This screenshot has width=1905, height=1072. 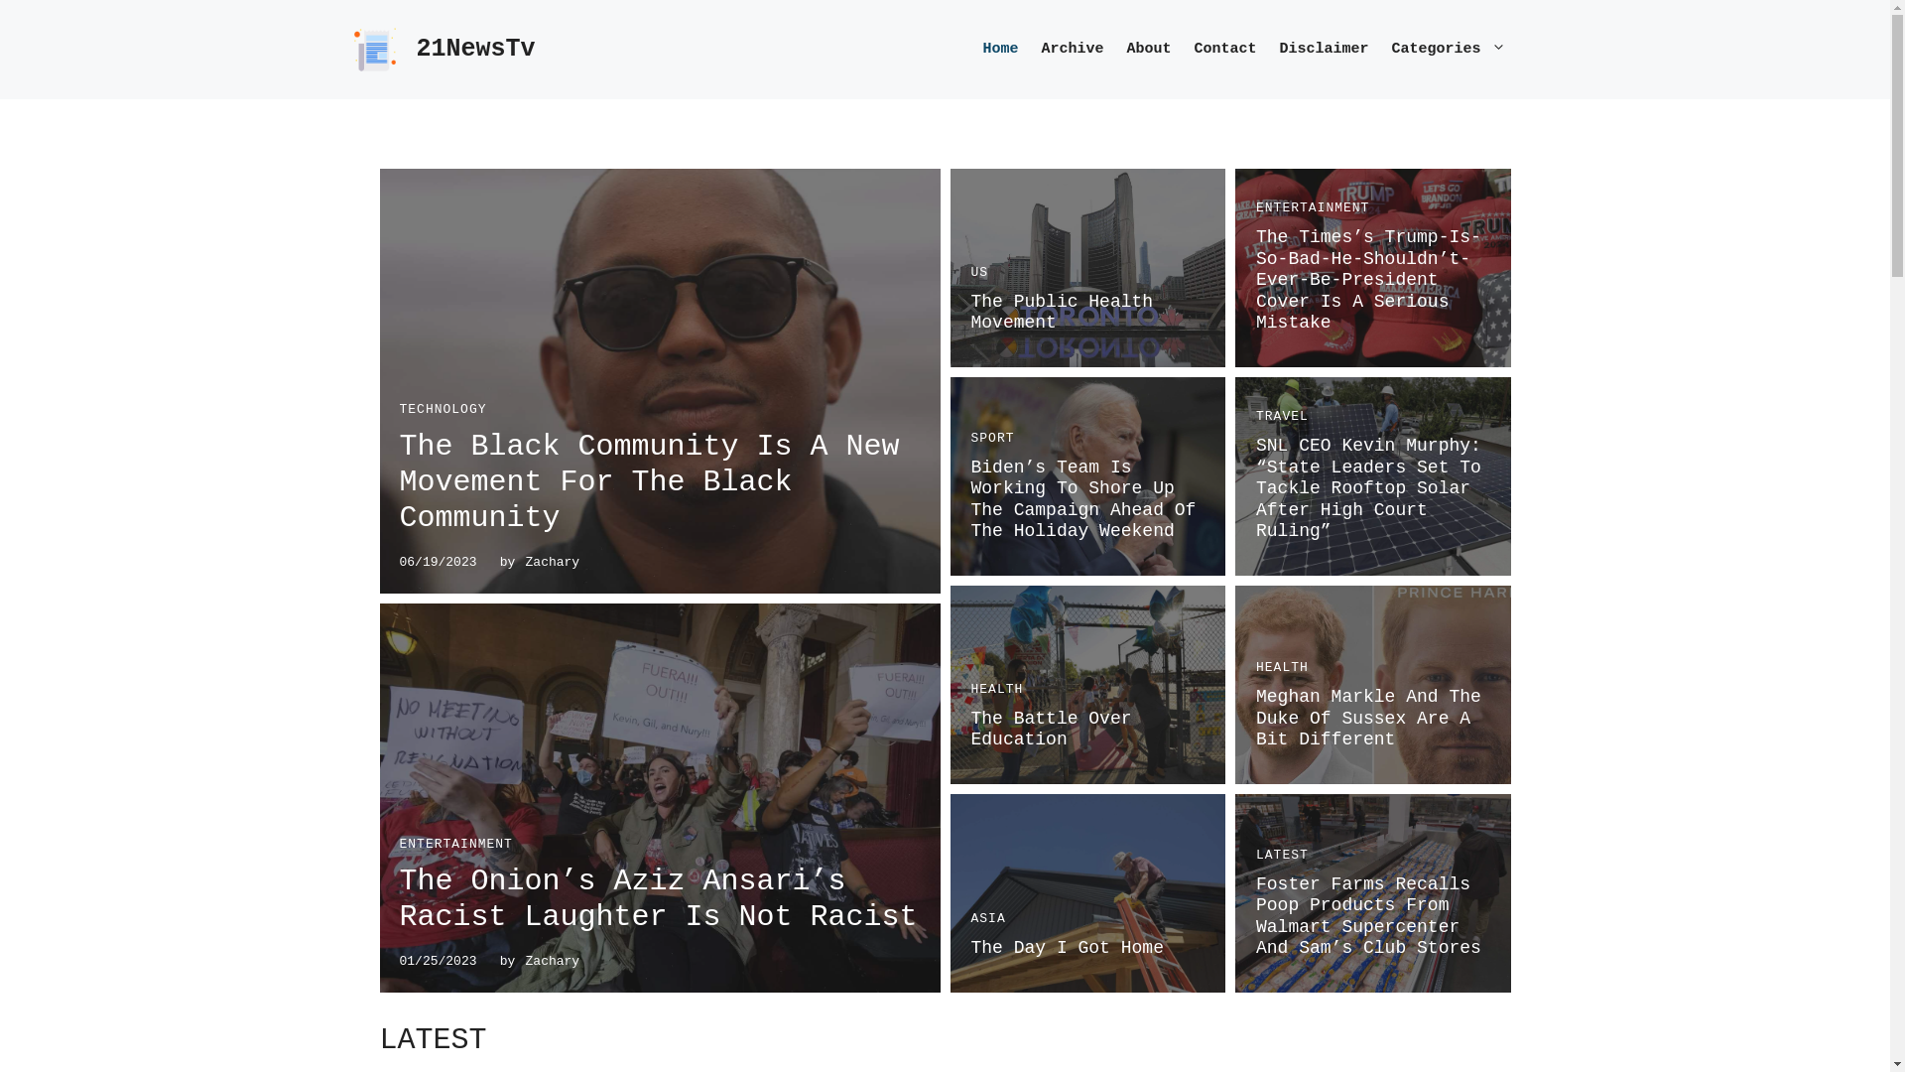 What do you see at coordinates (1227, 49) in the screenshot?
I see `'Contact'` at bounding box center [1227, 49].